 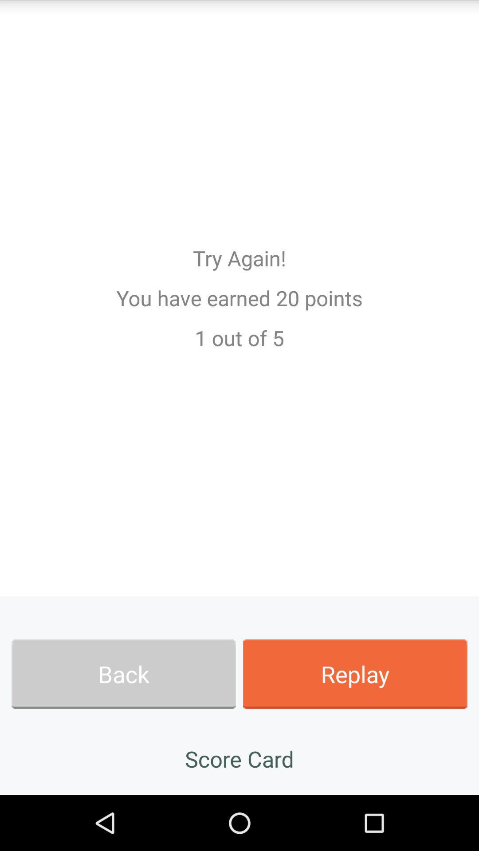 I want to click on score card icon, so click(x=239, y=758).